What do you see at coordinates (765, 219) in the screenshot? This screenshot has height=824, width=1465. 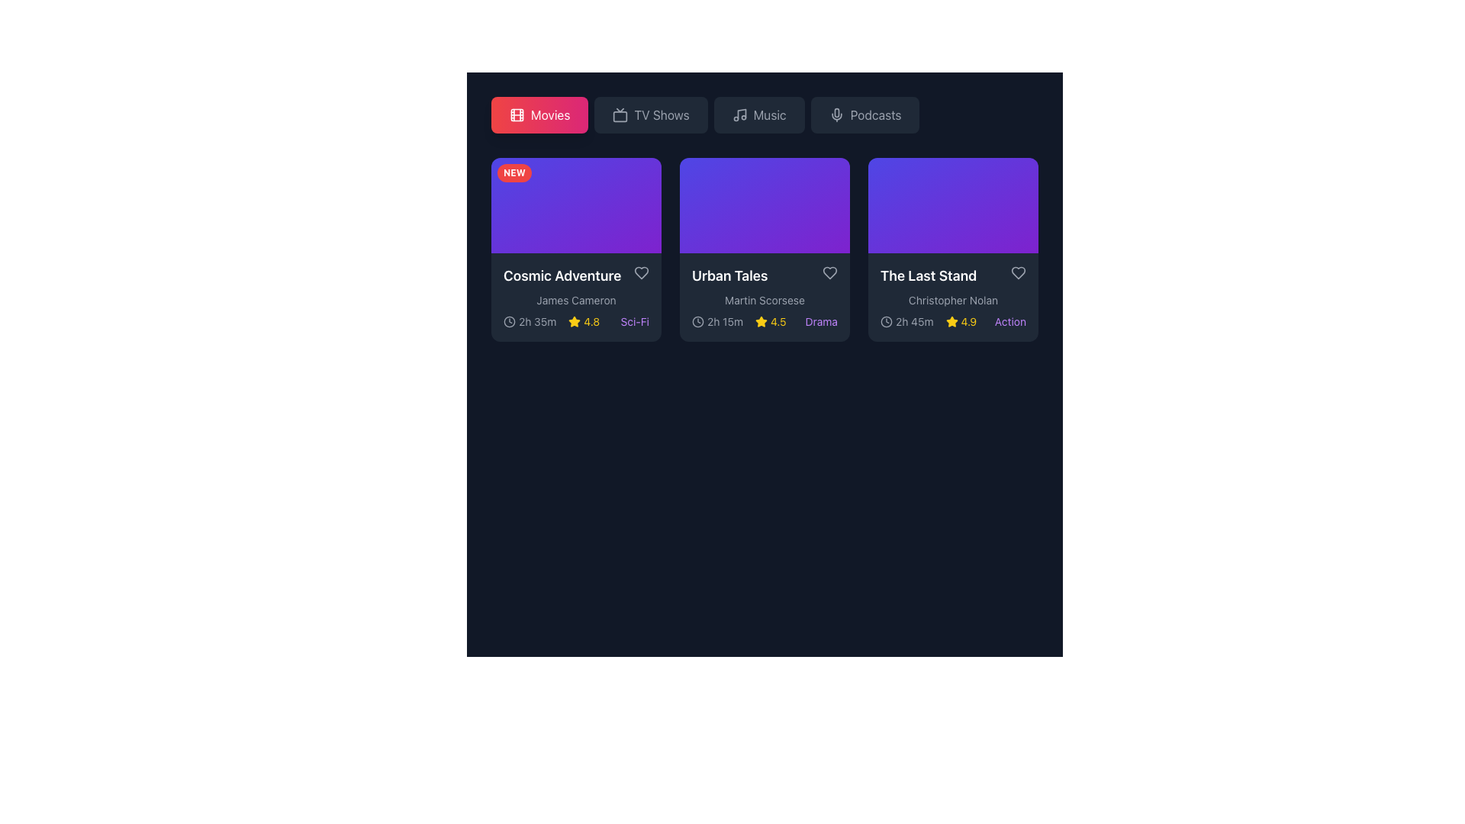 I see `the purple gradient card` at bounding box center [765, 219].